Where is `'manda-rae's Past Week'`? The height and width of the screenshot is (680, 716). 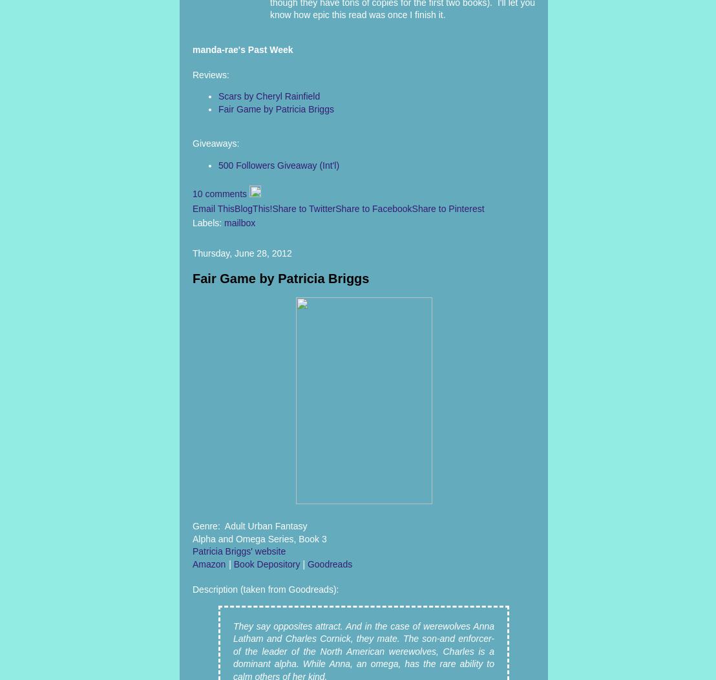
'manda-rae's Past Week' is located at coordinates (242, 48).